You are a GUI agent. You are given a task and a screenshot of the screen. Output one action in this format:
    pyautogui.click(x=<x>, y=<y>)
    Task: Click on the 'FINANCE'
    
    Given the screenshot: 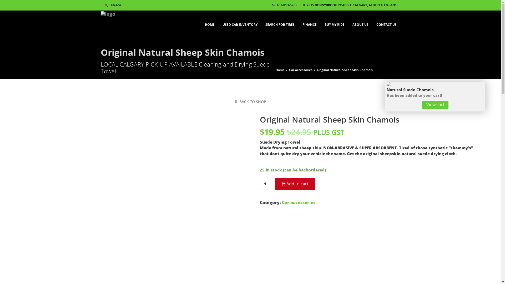 What is the action you would take?
    pyautogui.click(x=309, y=22)
    